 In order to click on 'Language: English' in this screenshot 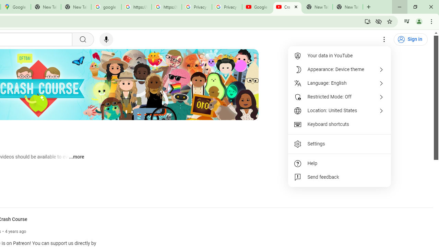, I will do `click(340, 83)`.